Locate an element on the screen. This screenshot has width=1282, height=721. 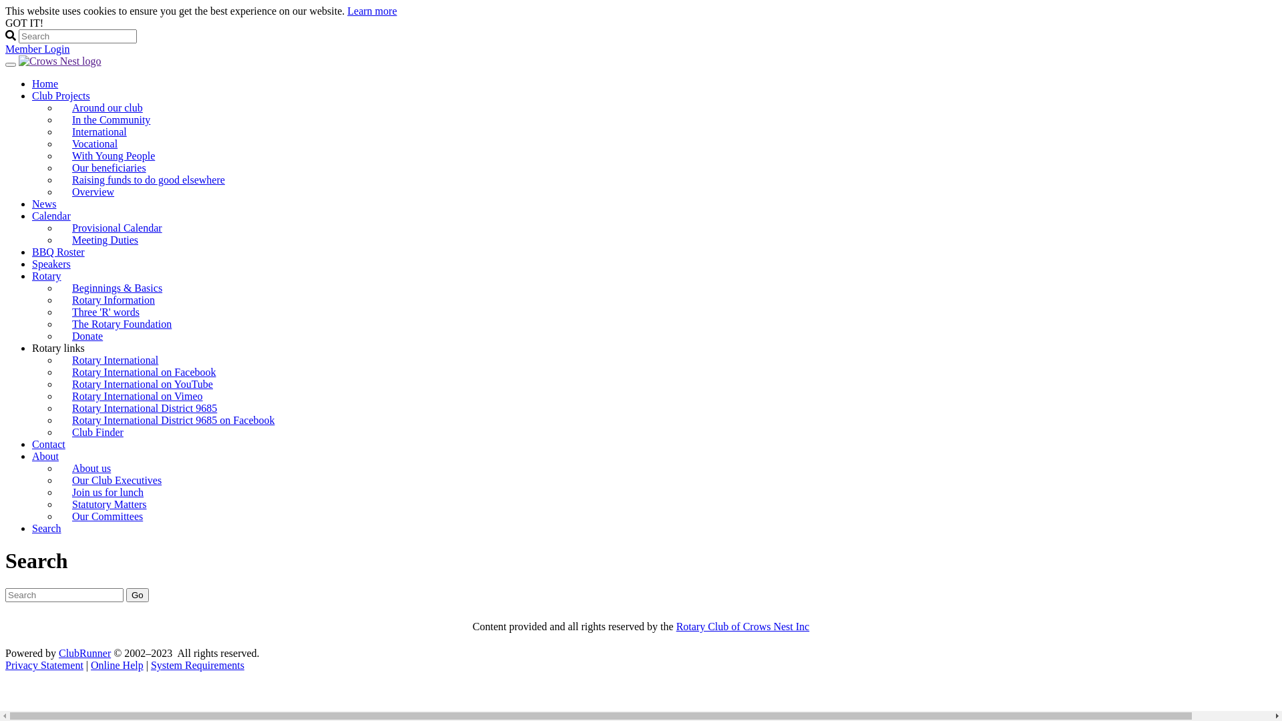
'Raising funds to do good elsewhere' is located at coordinates (154, 179).